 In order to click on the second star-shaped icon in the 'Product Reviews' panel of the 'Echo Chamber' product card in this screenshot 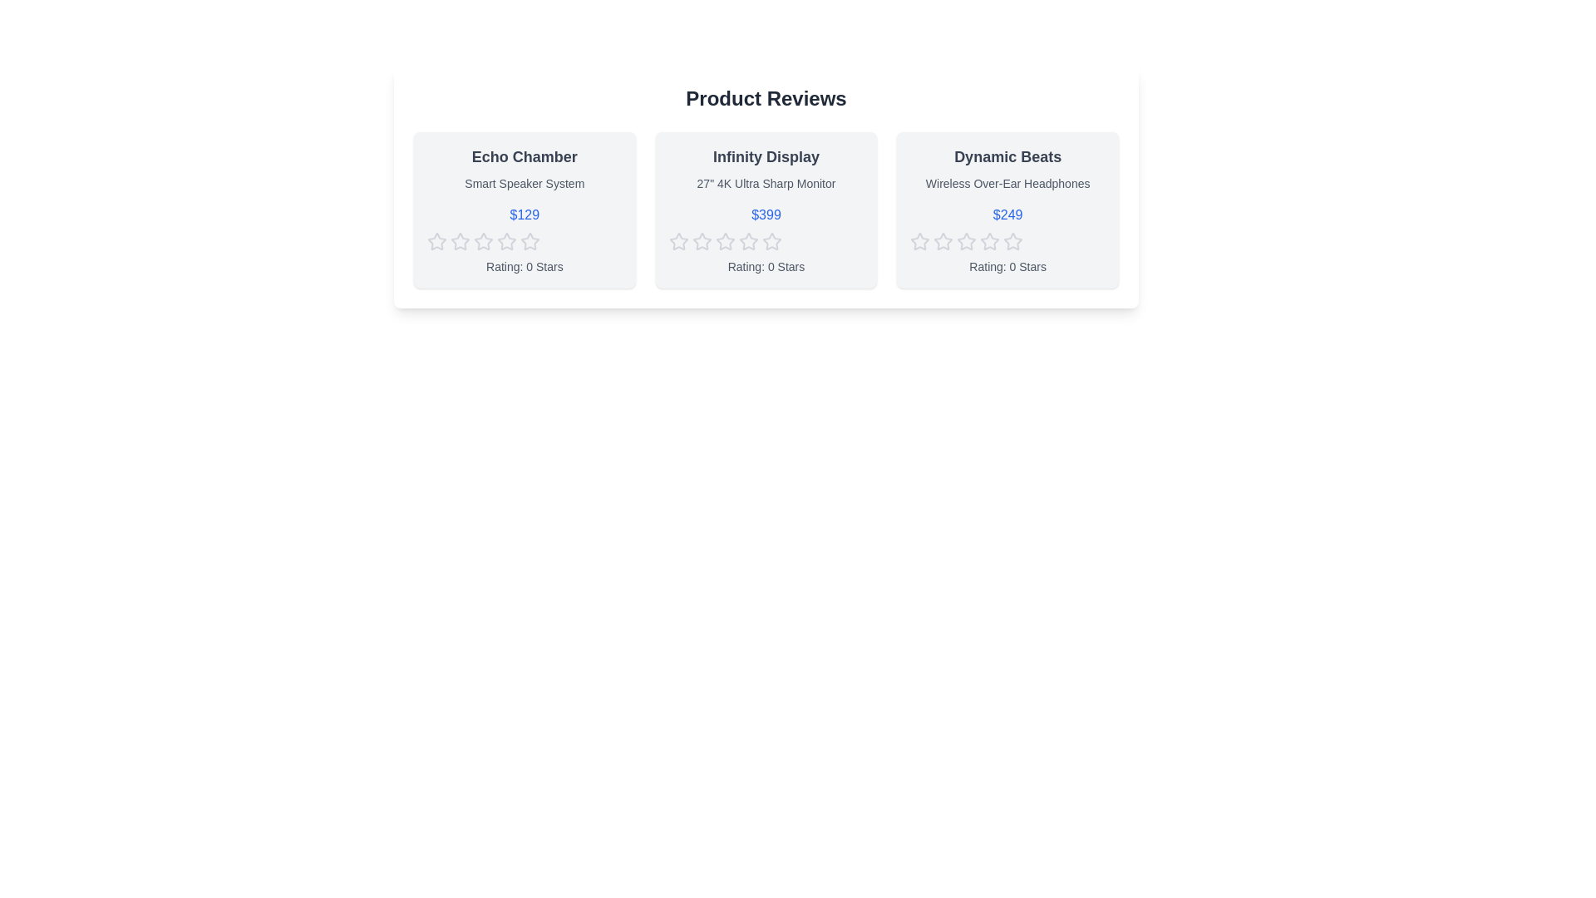, I will do `click(460, 241)`.